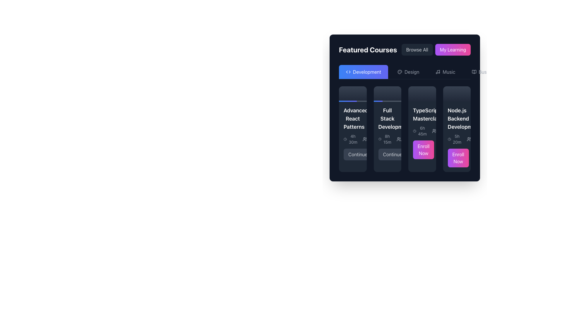 The width and height of the screenshot is (562, 316). Describe the element at coordinates (456, 158) in the screenshot. I see `the 'Enroll Now' button, which is a rectangular button with gradient colors transitioning from purple to pink and bold white text, located in the lower-right corner of the 'Node.js Backend Development' course card` at that location.